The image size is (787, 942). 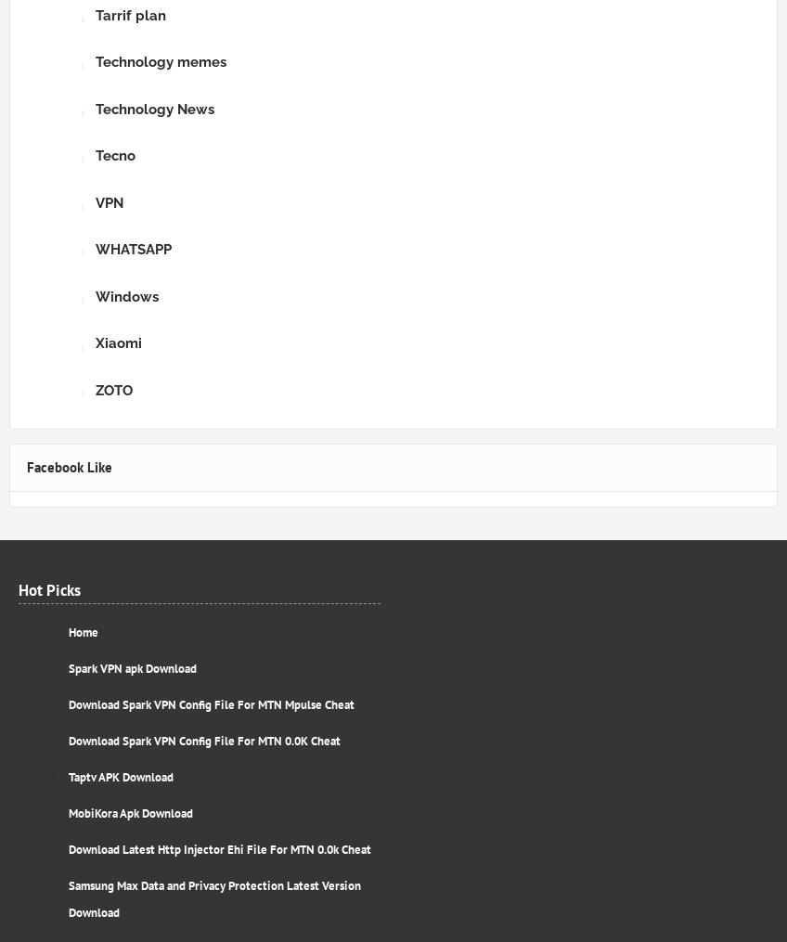 What do you see at coordinates (48, 587) in the screenshot?
I see `'Hot Picks'` at bounding box center [48, 587].